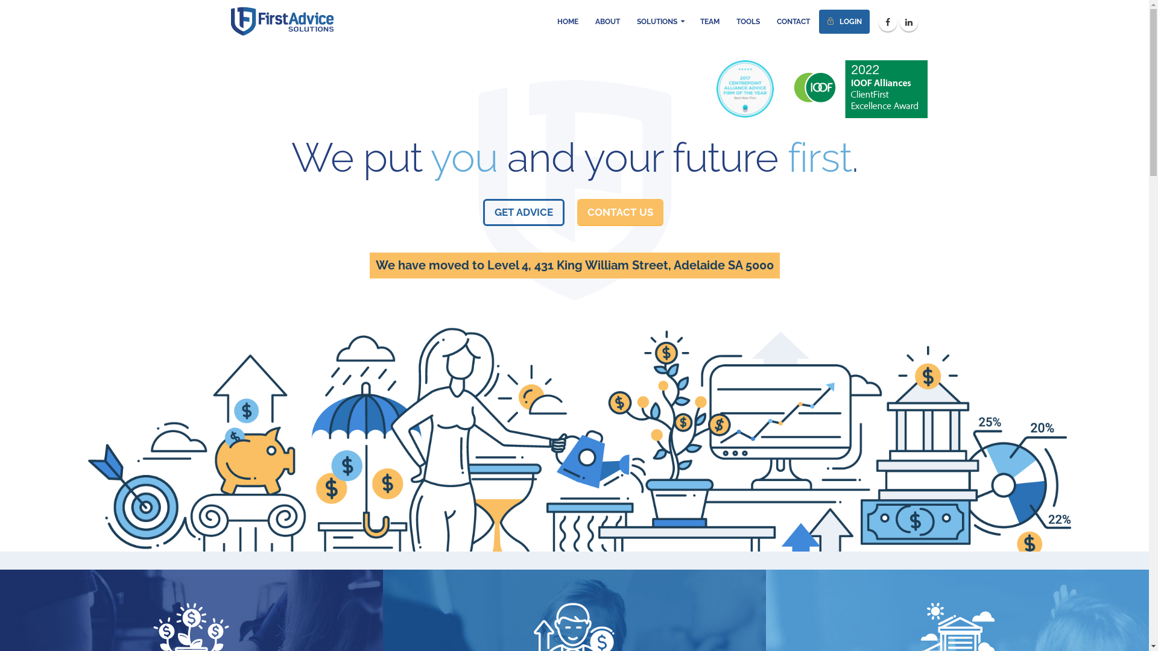  I want to click on 'SOLUTIONS', so click(659, 21).